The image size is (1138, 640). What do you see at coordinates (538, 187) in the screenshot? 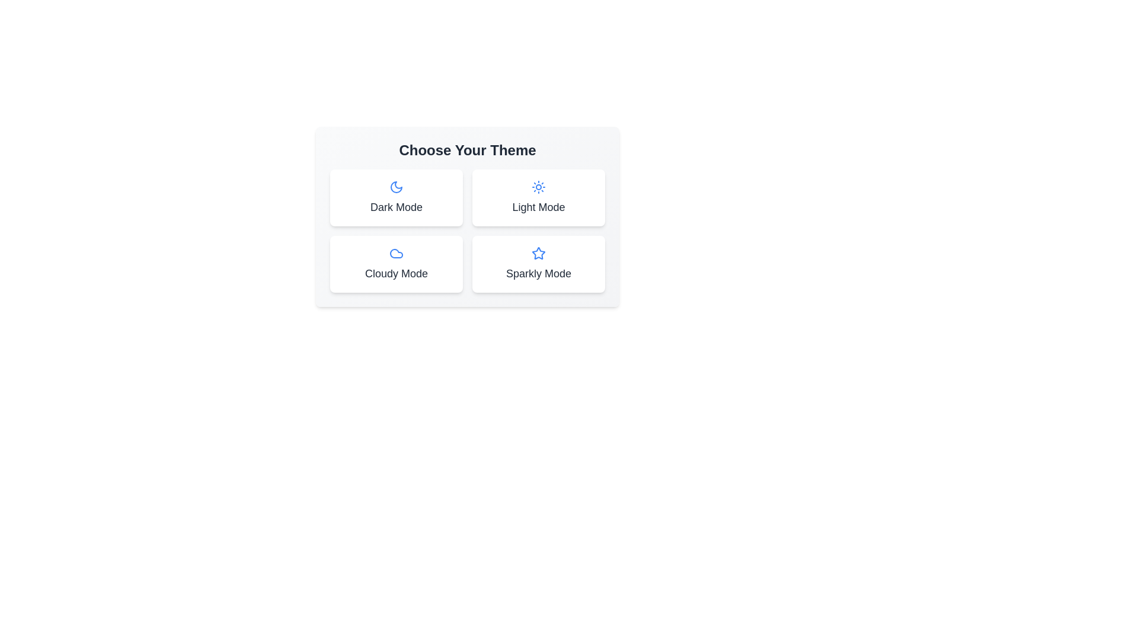
I see `the blue sun-shaped Decorative Icon located in the 'Light Mode' card, which is positioned in the top-right of the grid under 'Choose Your Theme'` at bounding box center [538, 187].